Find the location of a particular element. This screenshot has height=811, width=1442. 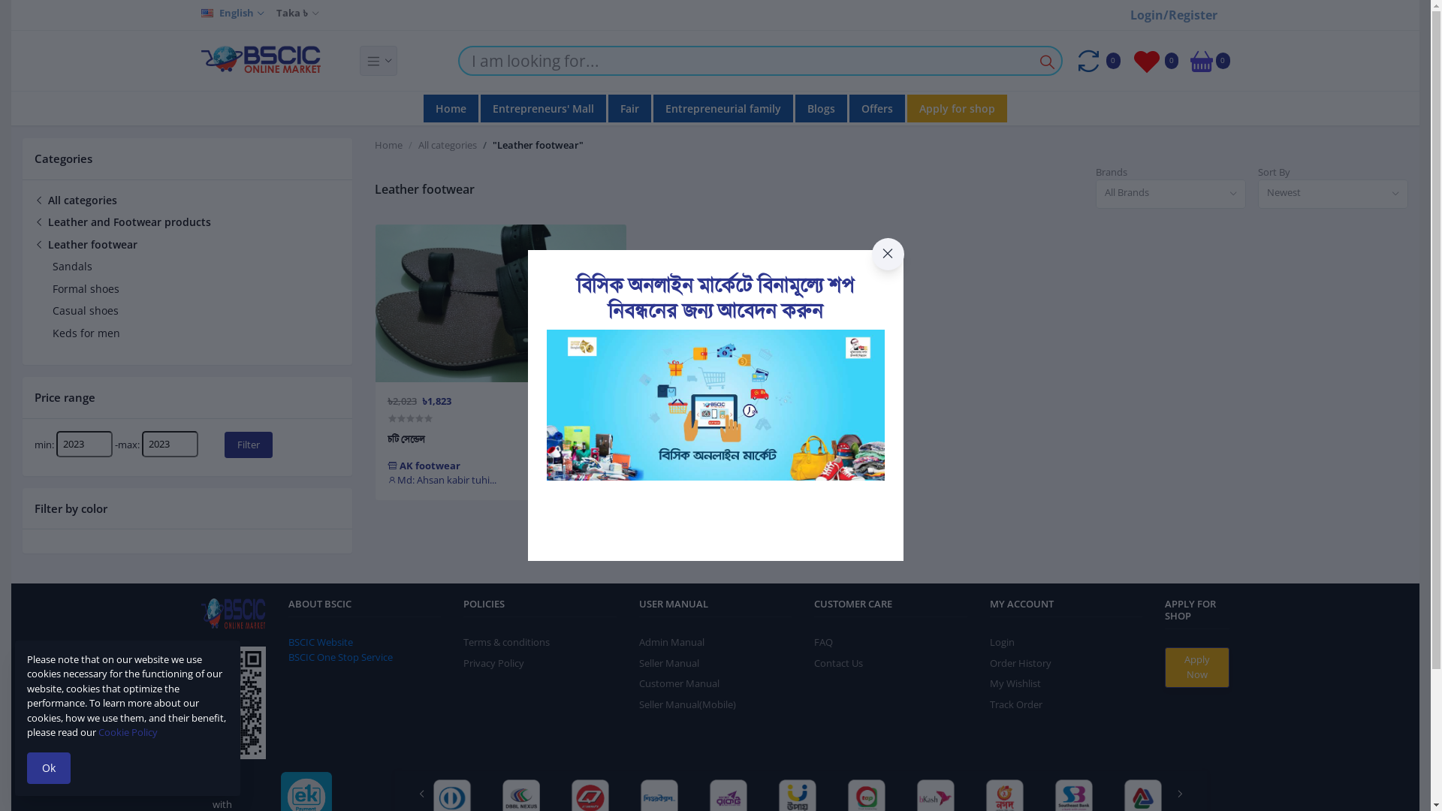

'Cookie Policy' is located at coordinates (128, 731).